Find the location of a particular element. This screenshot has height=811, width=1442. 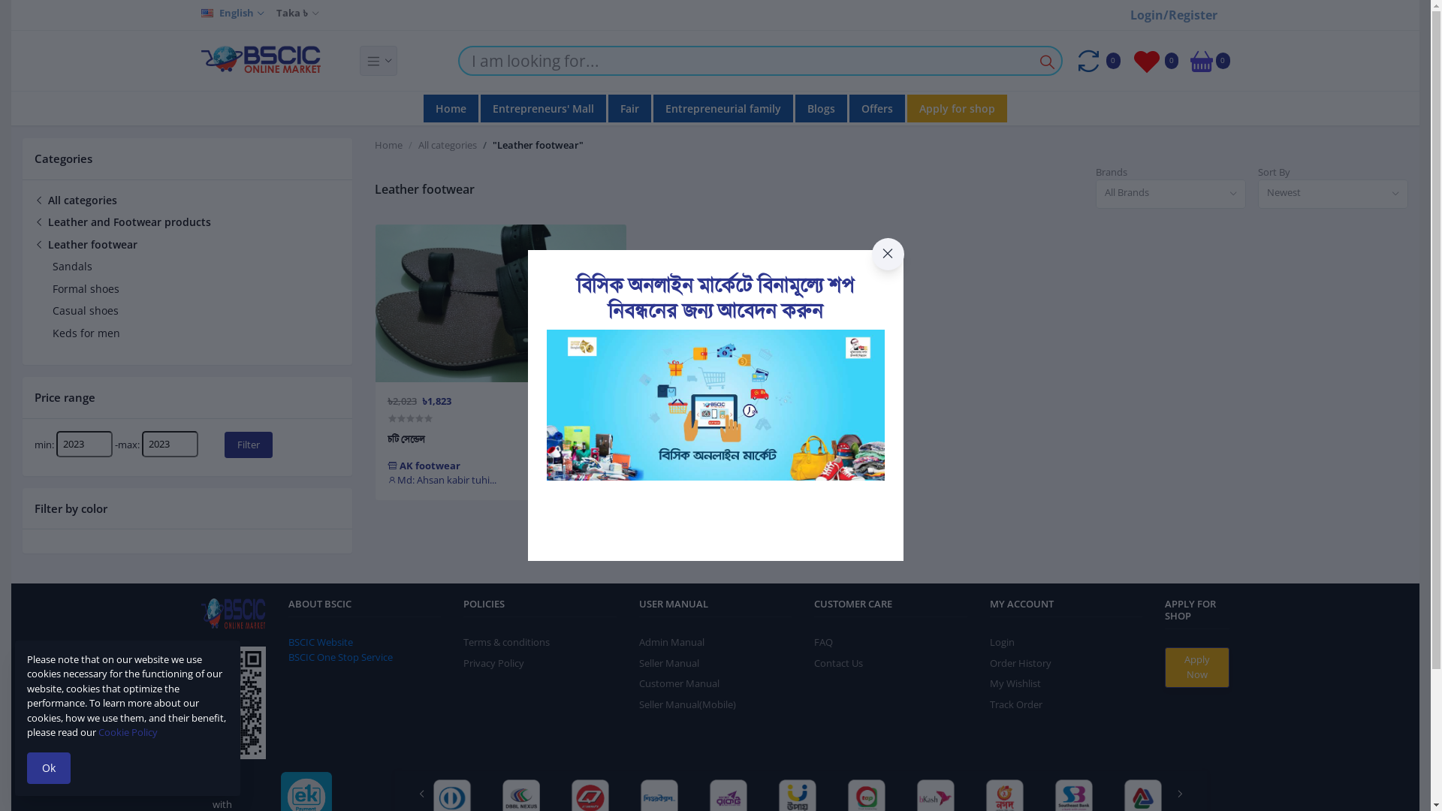

'Cookie Policy' is located at coordinates (128, 731).